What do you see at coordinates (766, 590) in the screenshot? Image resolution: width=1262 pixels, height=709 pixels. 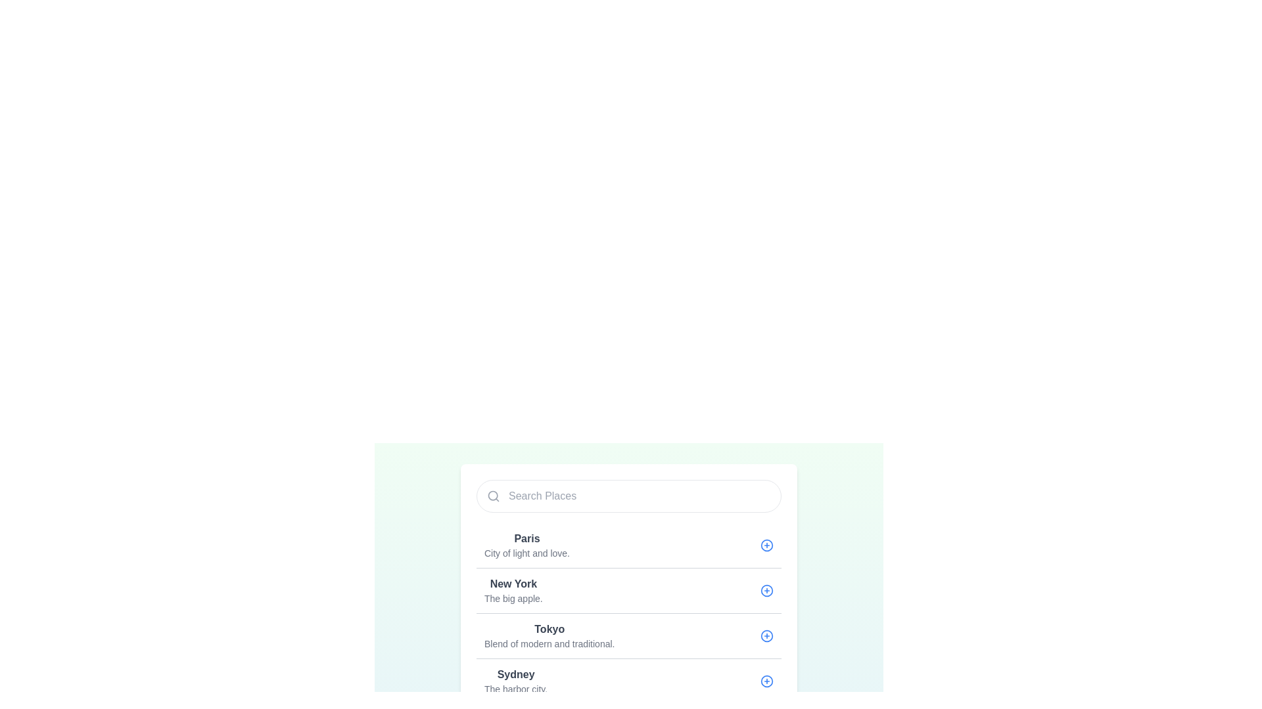 I see `the circular '+' icon within the SVG that is located to the right of the 'New York' label` at bounding box center [766, 590].